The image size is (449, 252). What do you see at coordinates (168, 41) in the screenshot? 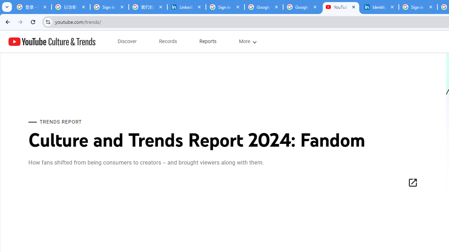
I see `'subnav-Records menupopup'` at bounding box center [168, 41].